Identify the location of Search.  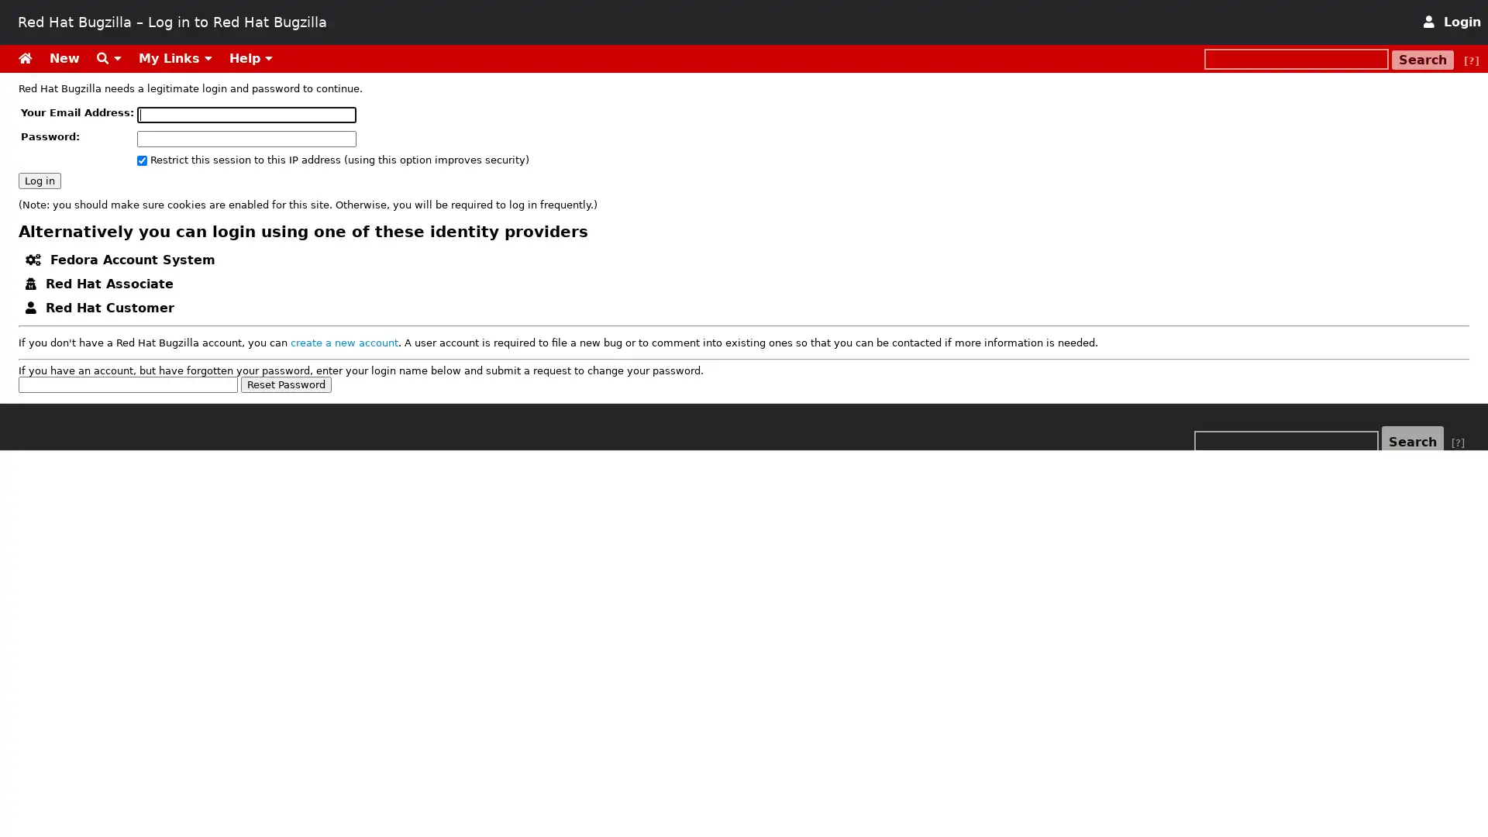
(1423, 59).